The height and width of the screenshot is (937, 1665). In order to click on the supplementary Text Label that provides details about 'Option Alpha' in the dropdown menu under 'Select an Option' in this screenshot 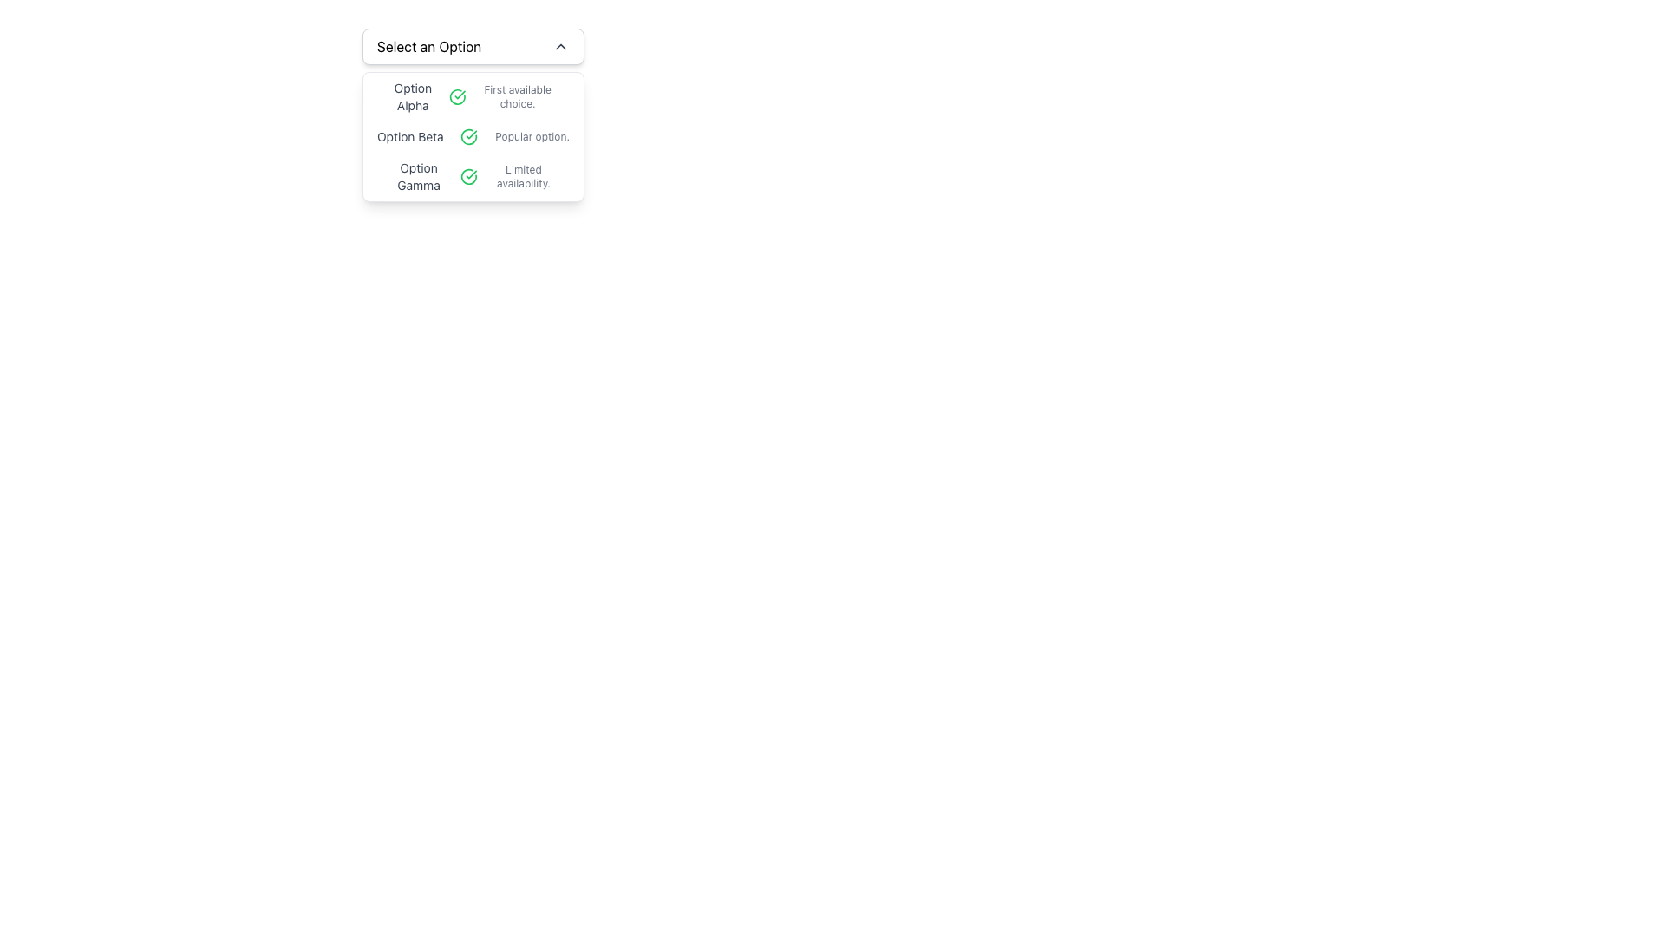, I will do `click(517, 96)`.